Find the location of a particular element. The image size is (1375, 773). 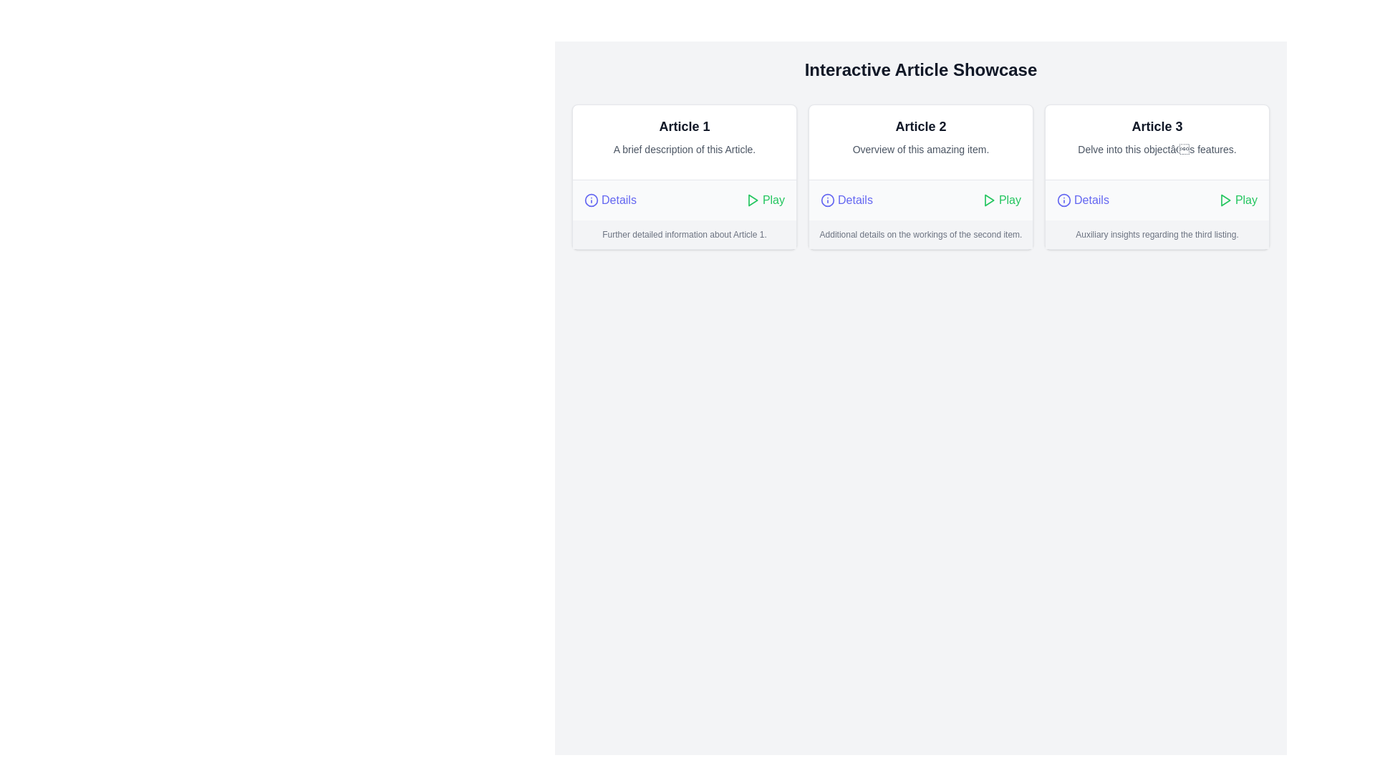

the title Text label of the second card in the list is located at coordinates (921, 126).